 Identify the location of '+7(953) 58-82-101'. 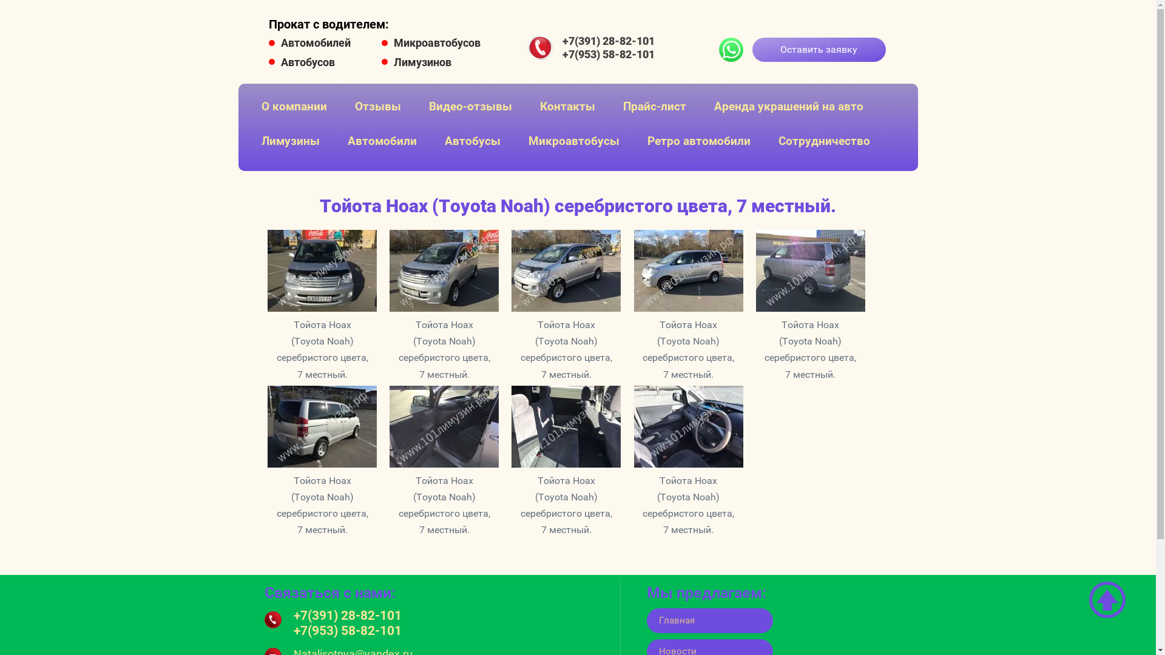
(346, 630).